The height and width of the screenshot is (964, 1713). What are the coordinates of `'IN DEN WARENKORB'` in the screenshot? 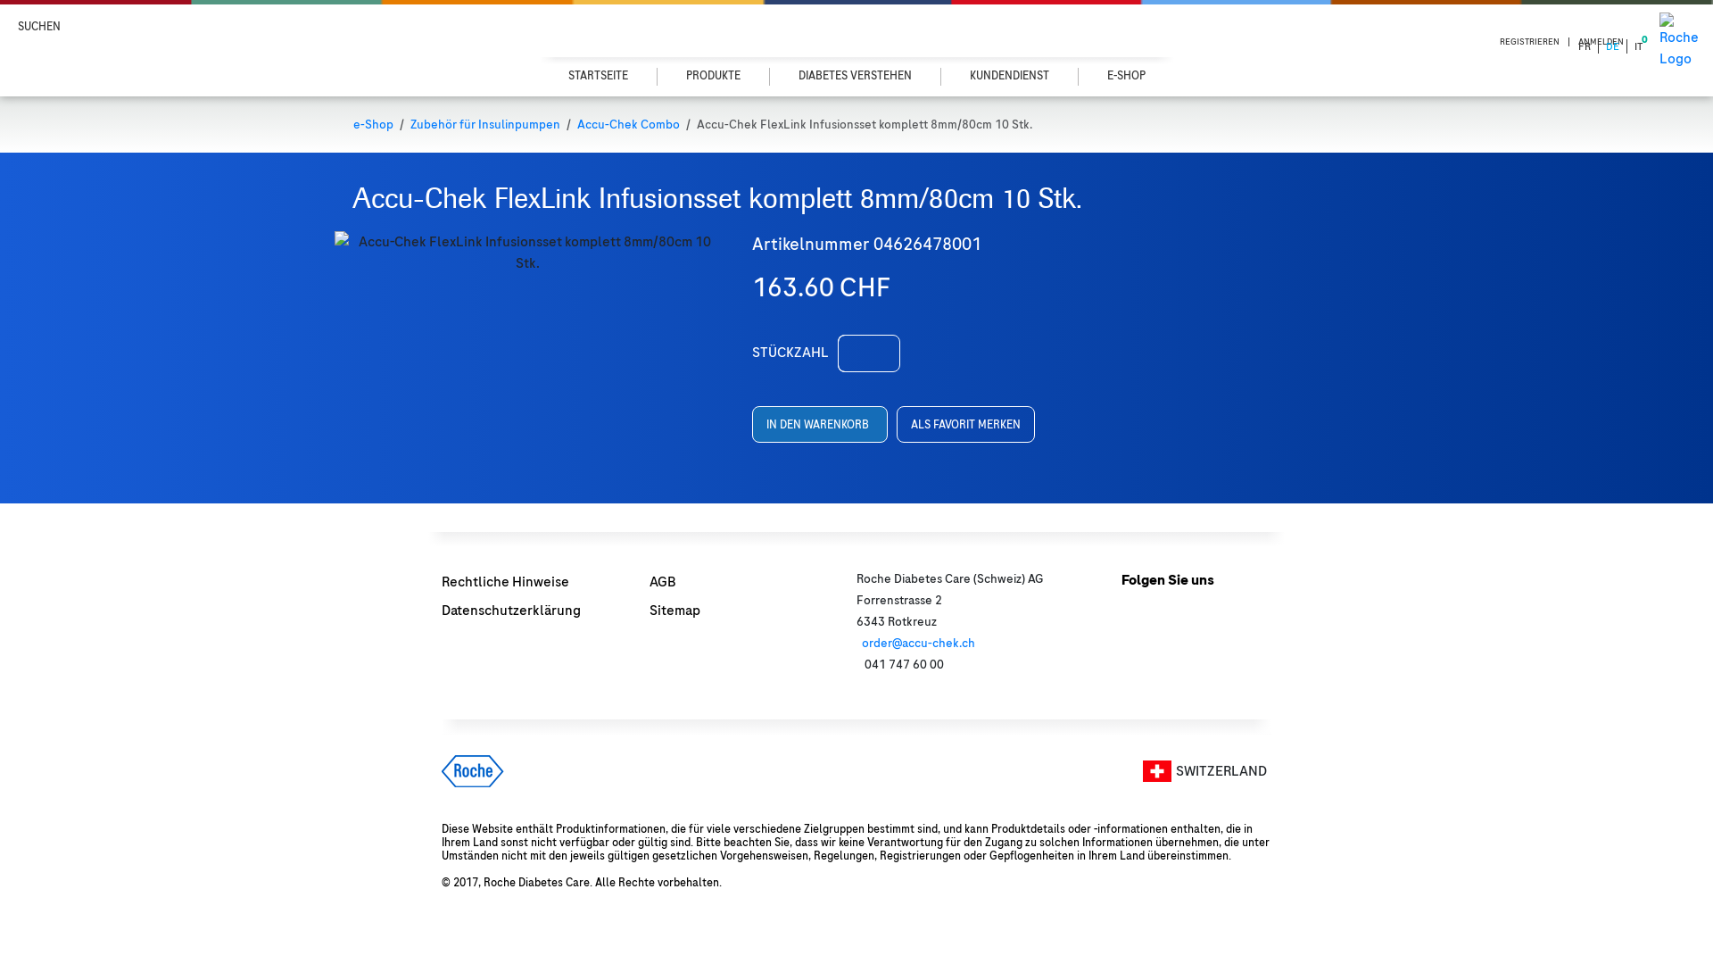 It's located at (818, 424).